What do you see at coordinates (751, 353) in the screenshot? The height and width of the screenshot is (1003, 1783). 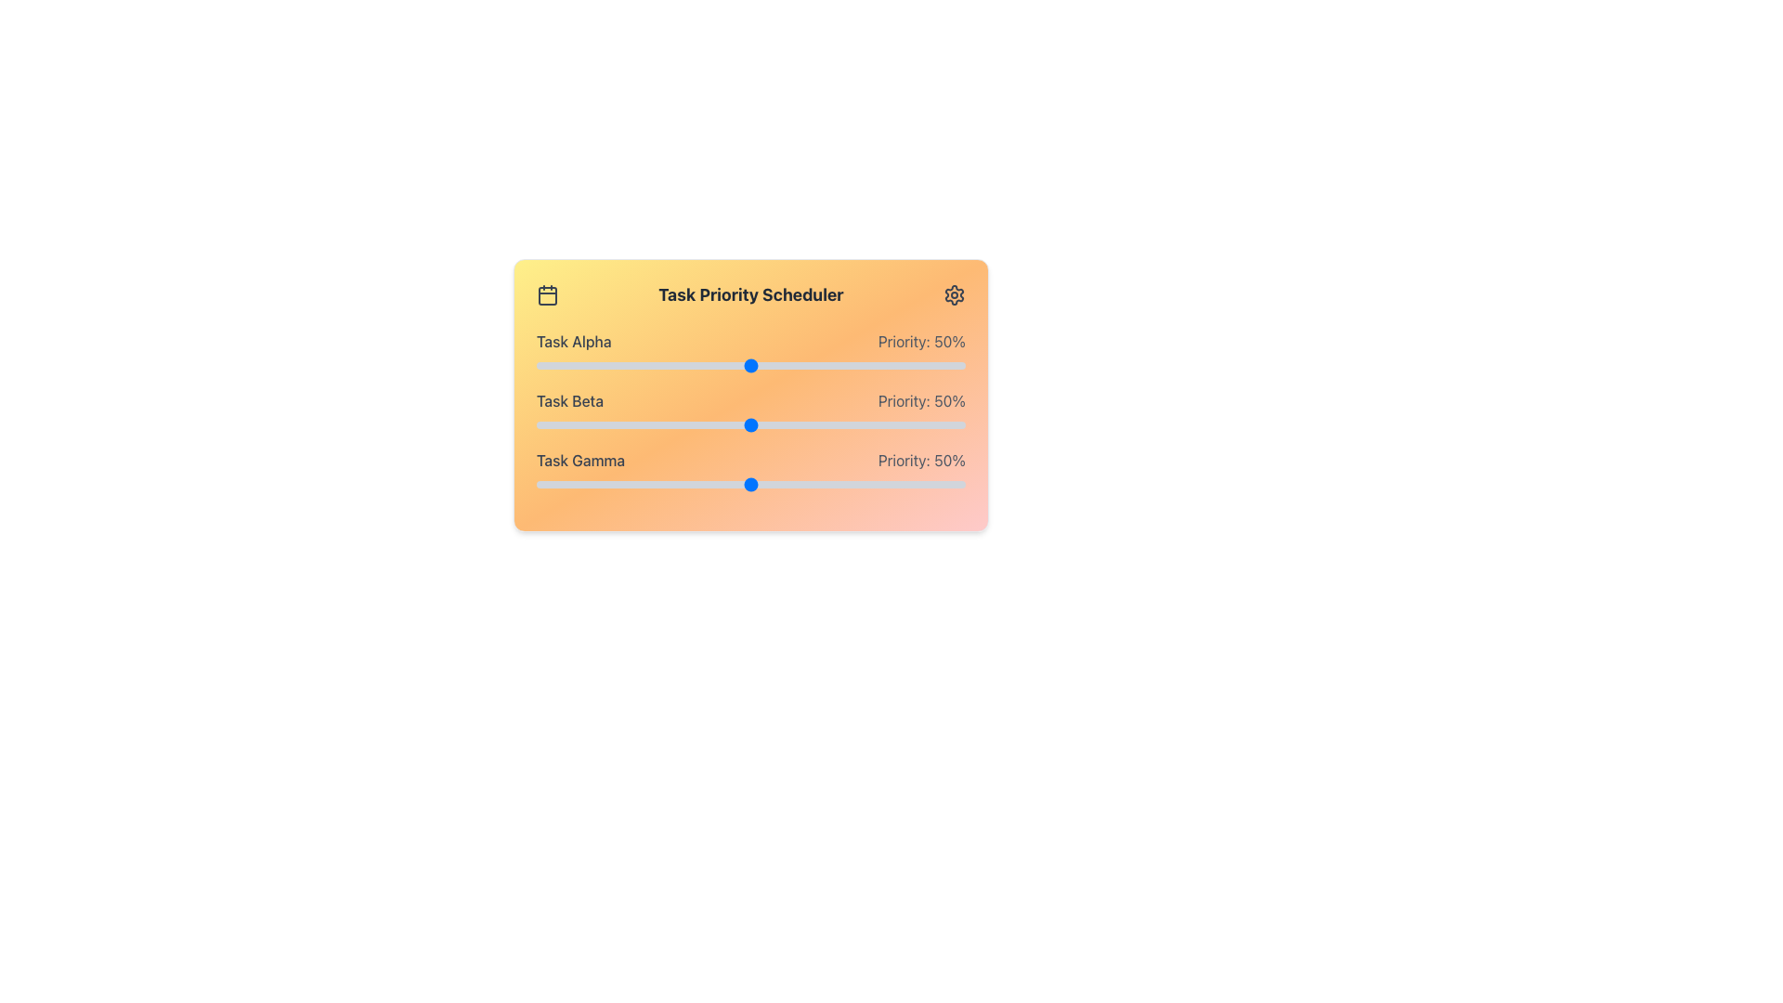 I see `the Composite element displaying task details for 'Task Alpha', which contains the title 'Task Alpha' and a slider indicating priority at 50%` at bounding box center [751, 353].